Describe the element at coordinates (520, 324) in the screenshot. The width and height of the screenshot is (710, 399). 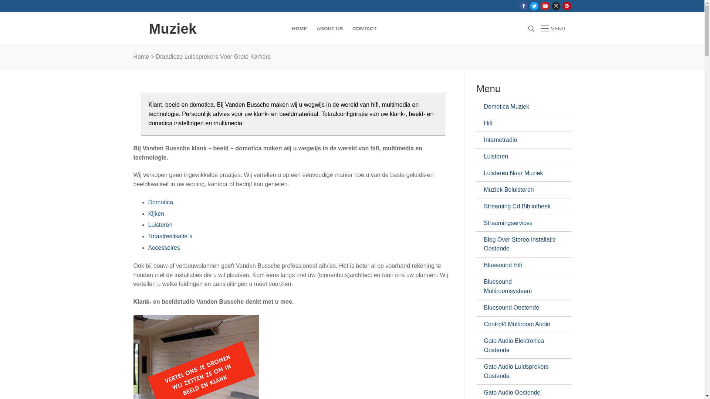
I see `'Control4 Multiroom Audio'` at that location.